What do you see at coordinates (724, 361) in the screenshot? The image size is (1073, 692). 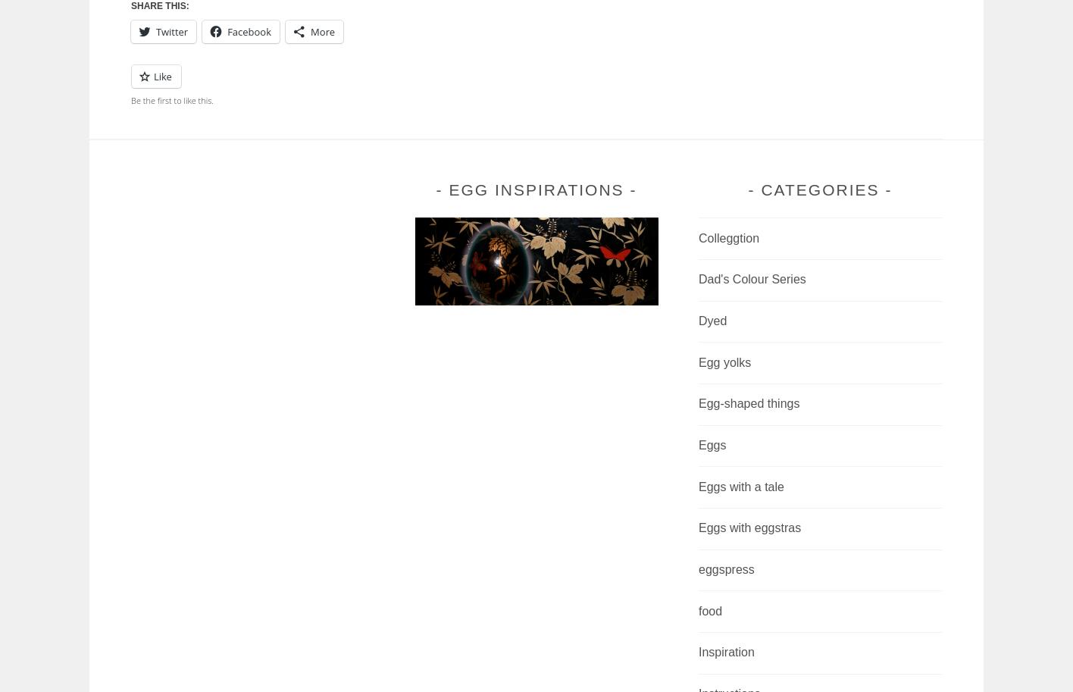 I see `'Egg yolks'` at bounding box center [724, 361].